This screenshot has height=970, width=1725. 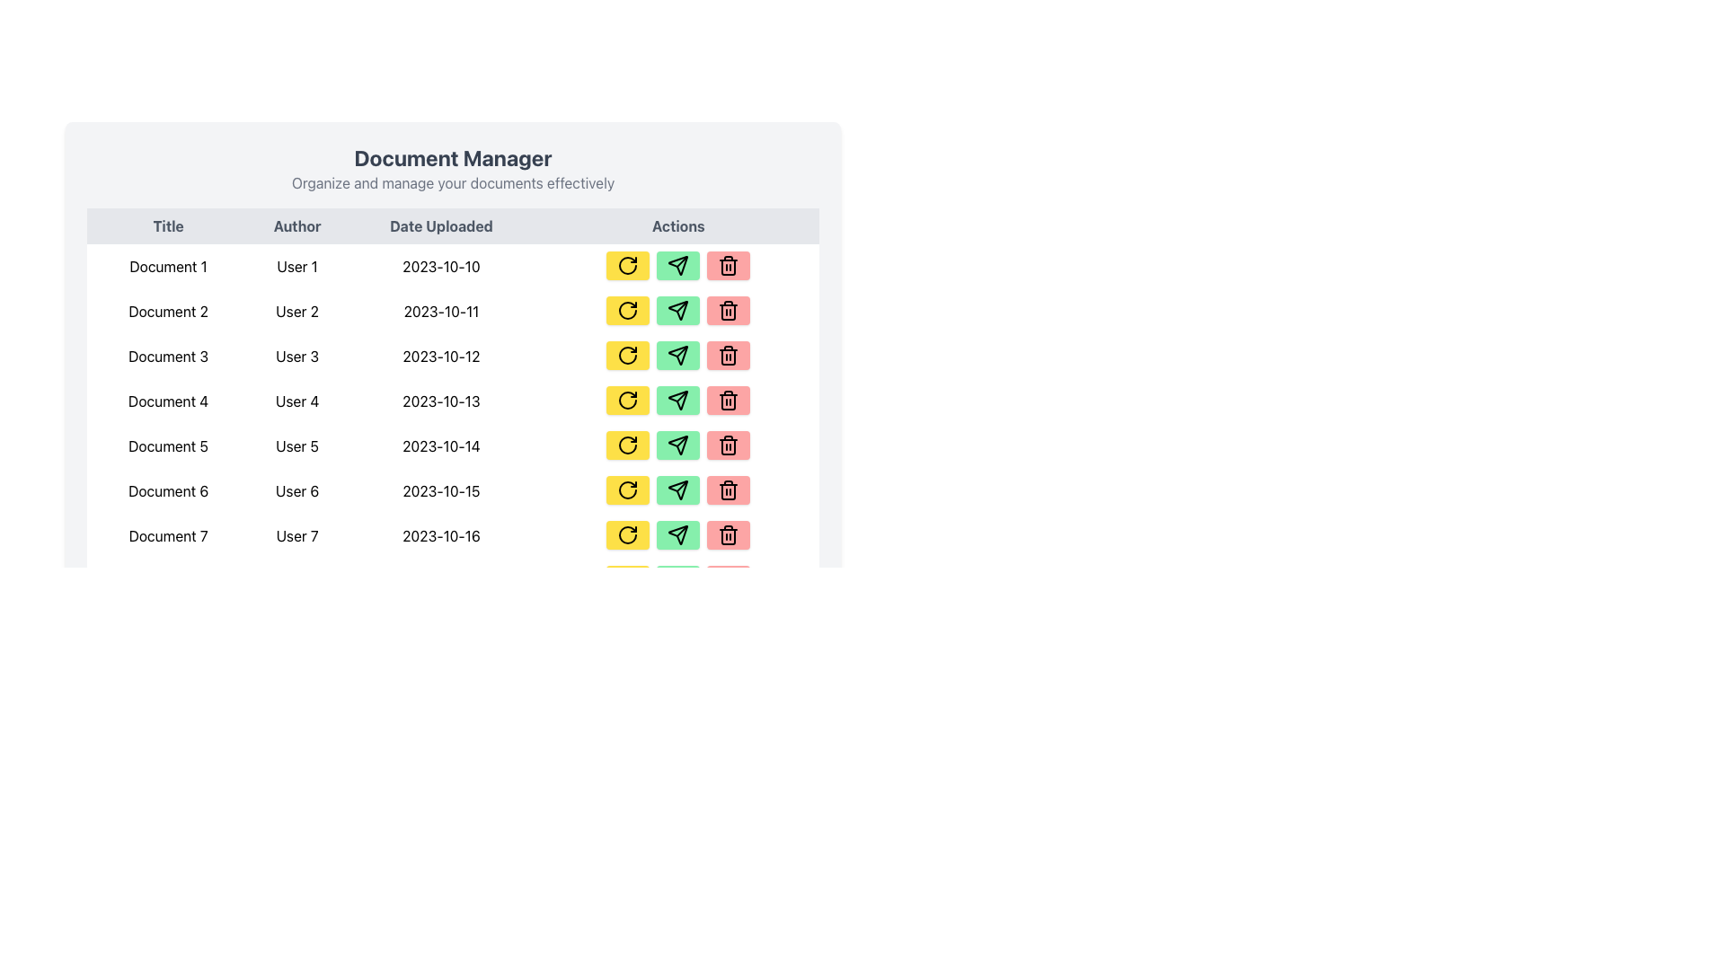 I want to click on the green paper plane icon in the 'Actions' section, so click(x=677, y=310).